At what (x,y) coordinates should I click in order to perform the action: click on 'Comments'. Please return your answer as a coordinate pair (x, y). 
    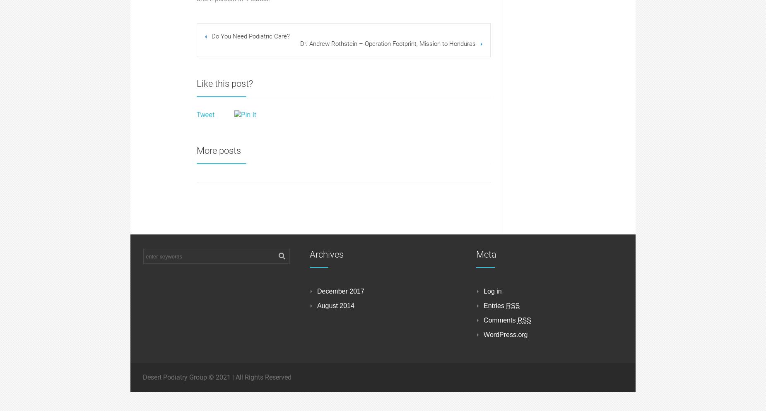
    Looking at the image, I should click on (500, 320).